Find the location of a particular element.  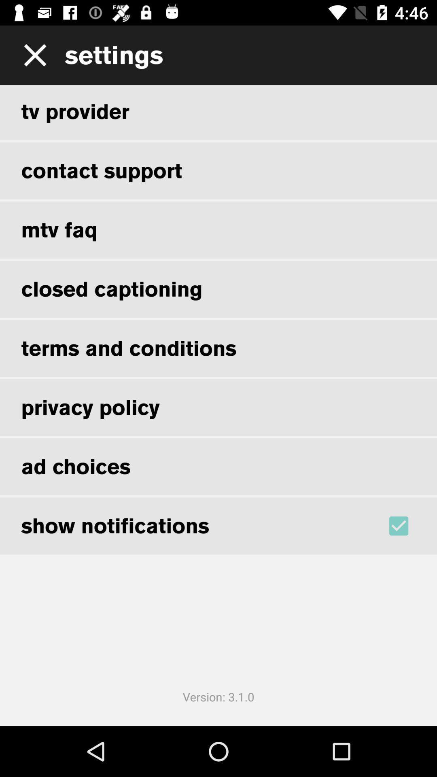

show notification check box is located at coordinates (409, 526).